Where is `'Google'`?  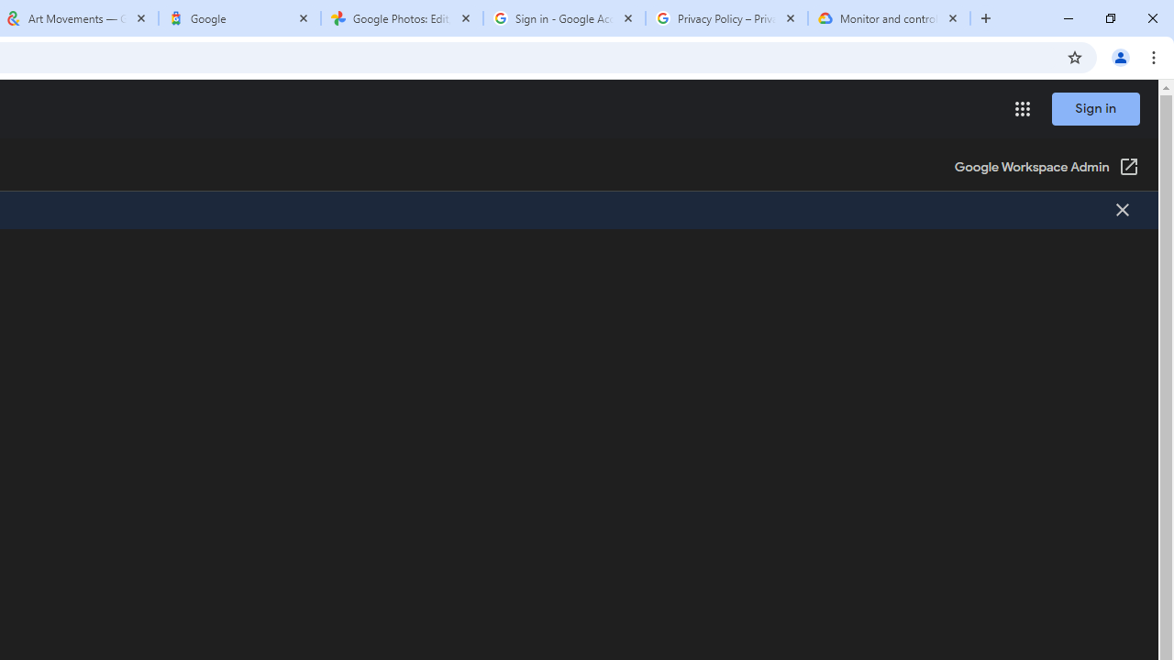
'Google' is located at coordinates (238, 18).